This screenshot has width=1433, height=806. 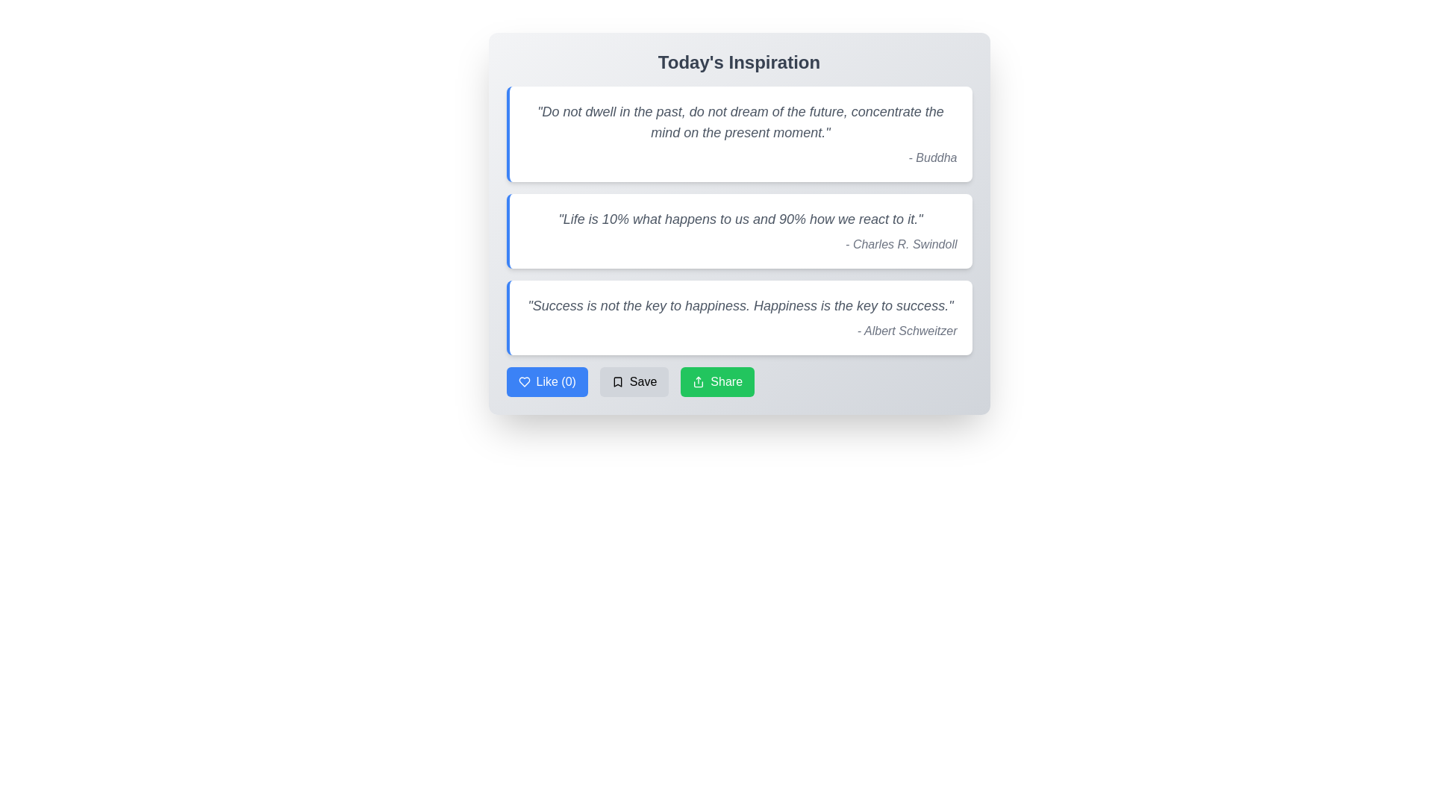 I want to click on the 'Save' button that contains the bookmark icon, which is visually aligned with the button's text and located in the bottom panel of the interface, so click(x=617, y=381).